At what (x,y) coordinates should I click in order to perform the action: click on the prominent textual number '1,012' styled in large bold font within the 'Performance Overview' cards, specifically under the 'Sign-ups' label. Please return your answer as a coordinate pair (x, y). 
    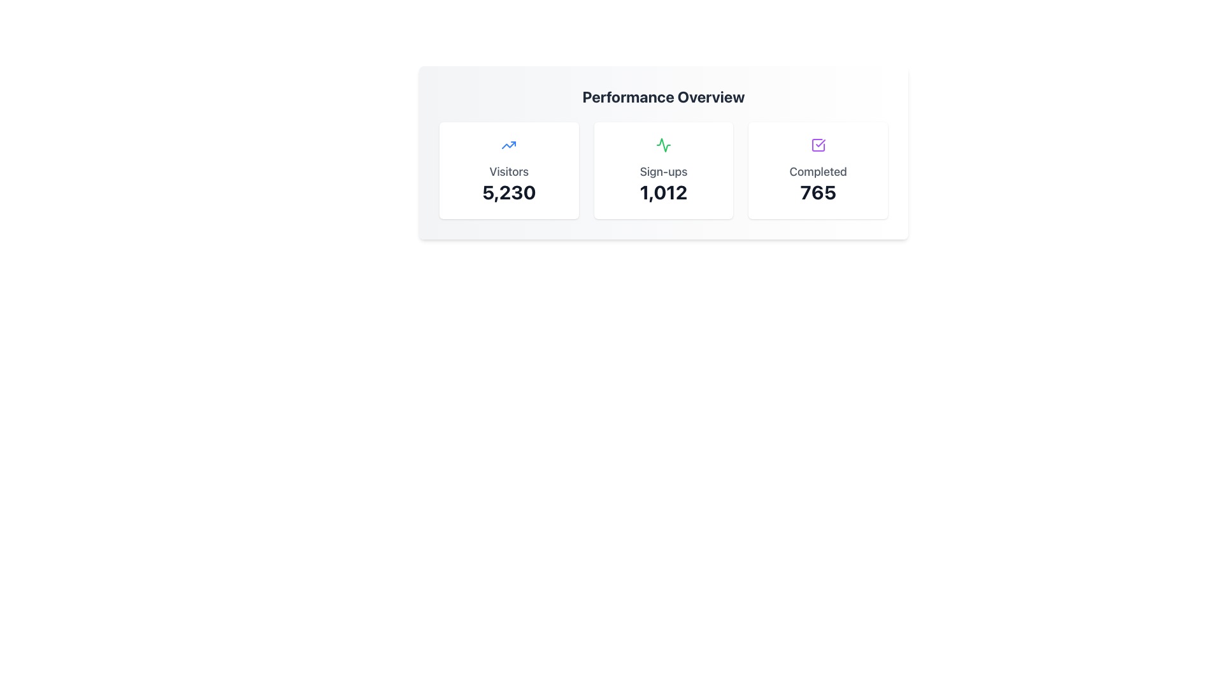
    Looking at the image, I should click on (662, 192).